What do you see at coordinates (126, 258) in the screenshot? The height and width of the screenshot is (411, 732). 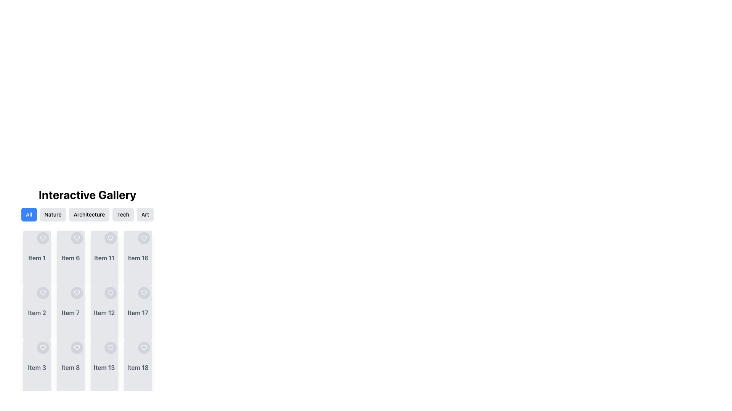 I see `the decorative icon next to the 'View Details' button in the fourth column under 'Item 16' in the 'Interactive Gallery'` at bounding box center [126, 258].